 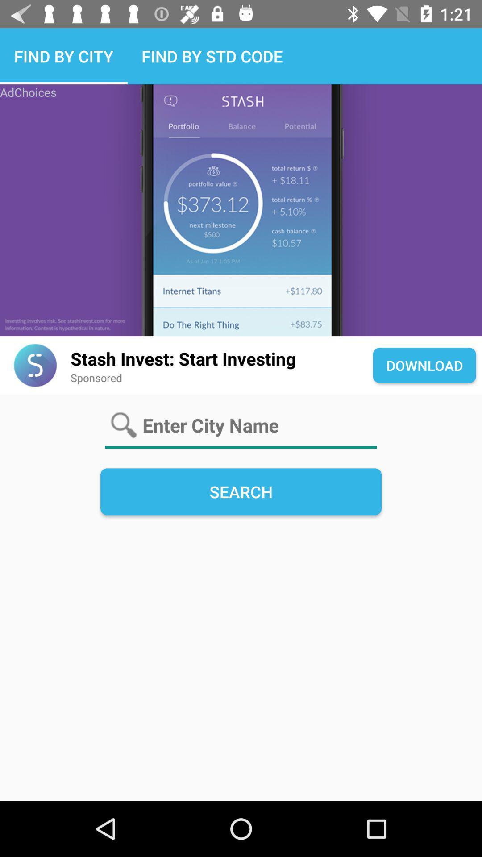 What do you see at coordinates (241, 209) in the screenshot?
I see `stash advertisement` at bounding box center [241, 209].